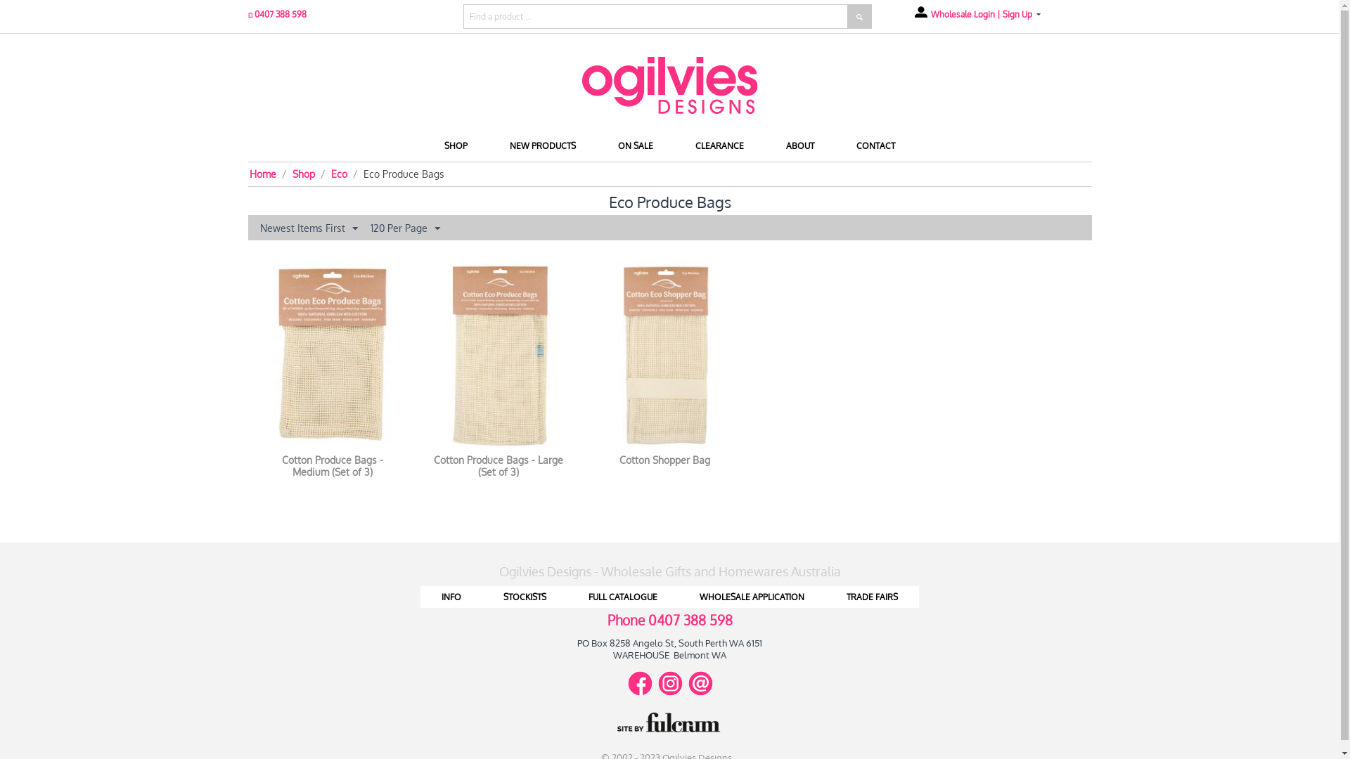 The image size is (1350, 759). What do you see at coordinates (489, 145) in the screenshot?
I see `'NEW PRODUCTS'` at bounding box center [489, 145].